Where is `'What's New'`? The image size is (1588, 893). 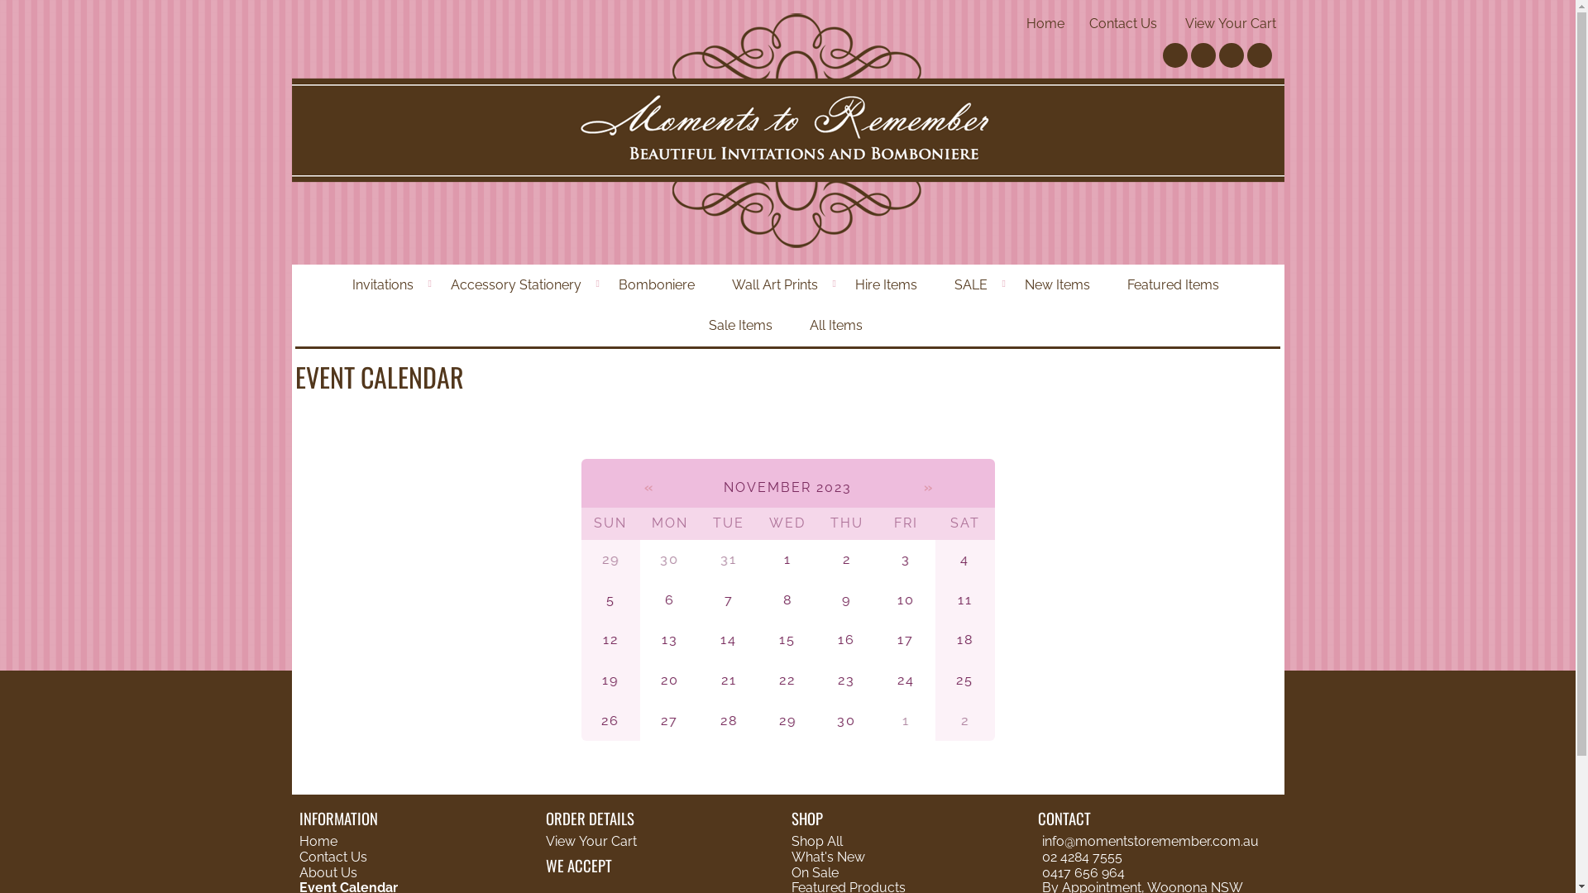
'What's New' is located at coordinates (828, 856).